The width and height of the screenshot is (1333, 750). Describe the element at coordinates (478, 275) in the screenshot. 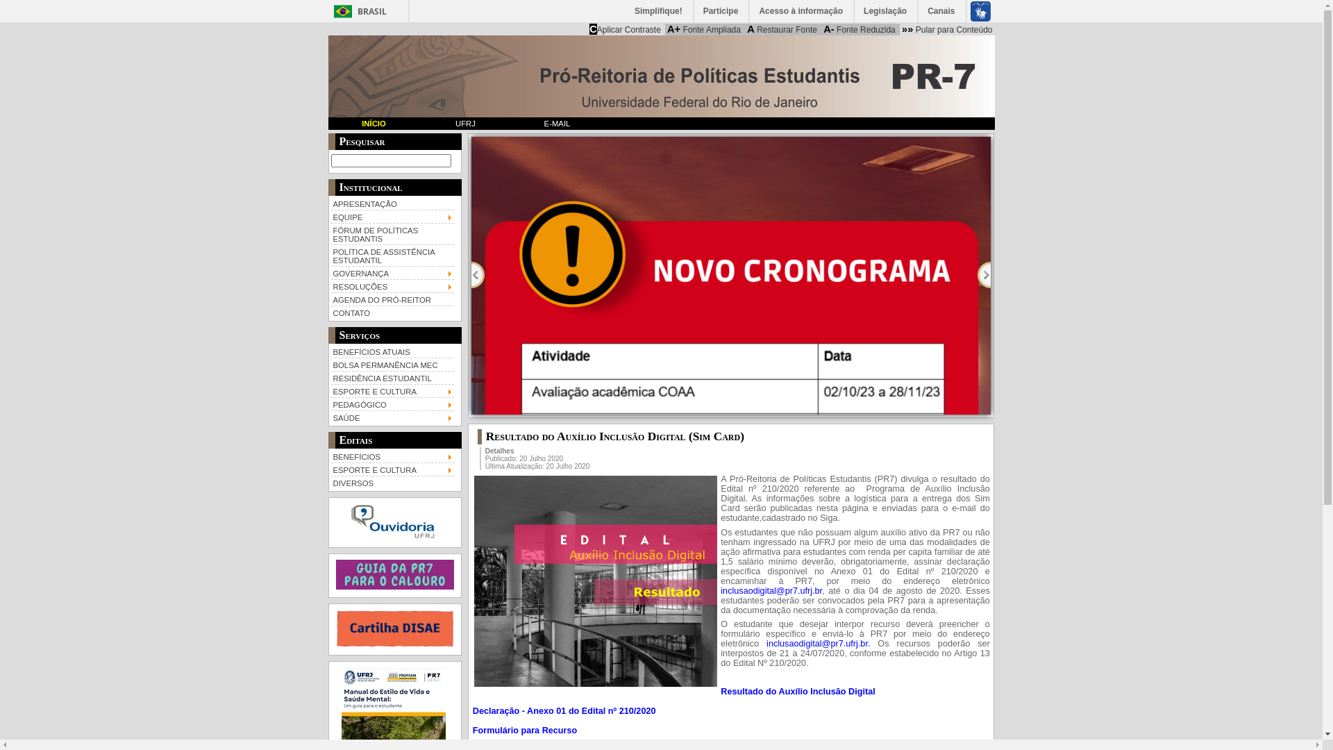

I see `'Previous'` at that location.